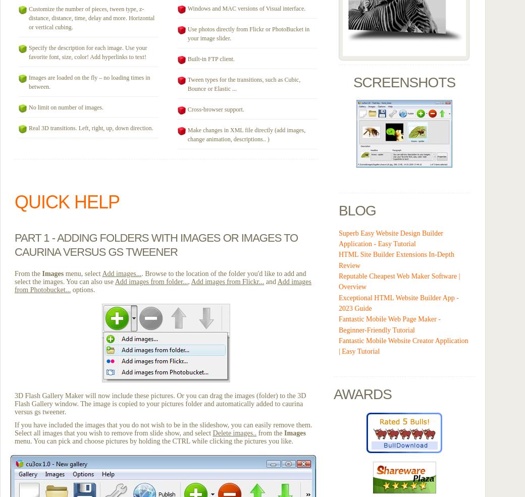 This screenshot has height=497, width=525. I want to click on 'Specify the description for each image. Use your favorite font, size, color! Add hyperlinks to text!', so click(87, 52).